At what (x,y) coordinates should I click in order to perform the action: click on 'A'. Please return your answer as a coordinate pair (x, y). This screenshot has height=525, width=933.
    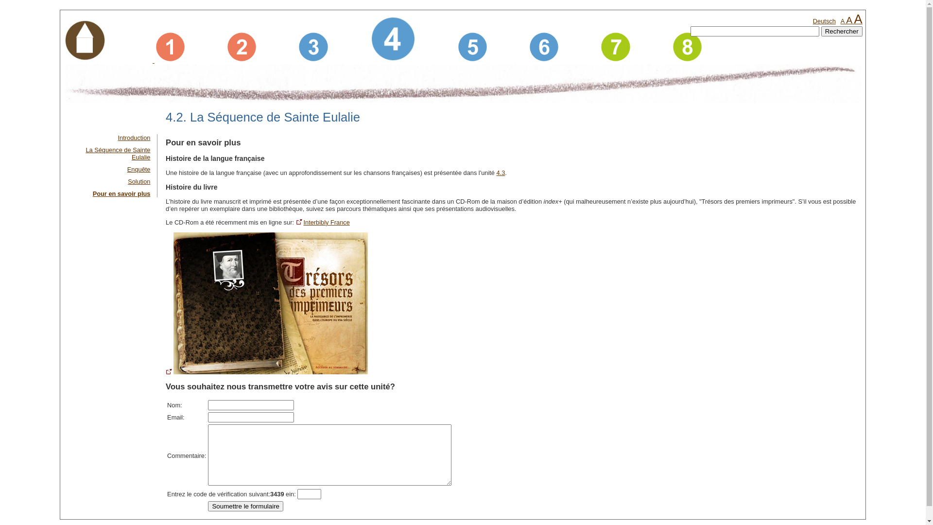
    Looking at the image, I should click on (848, 20).